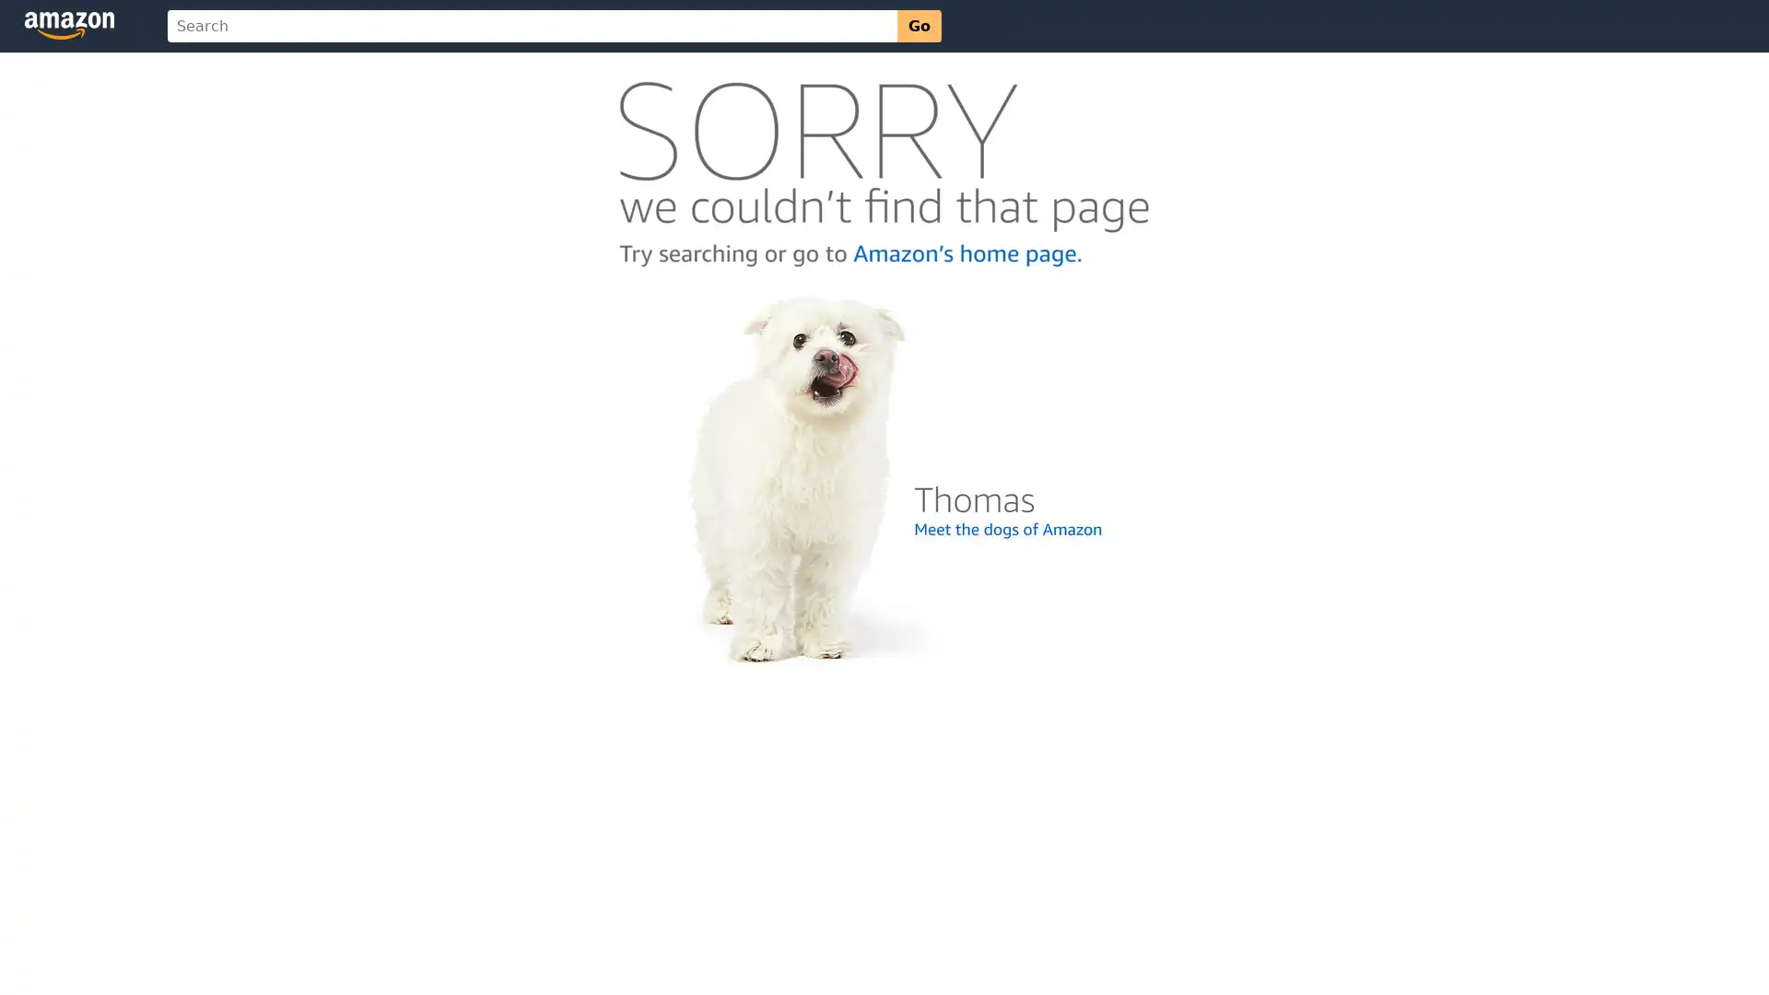 Image resolution: width=1769 pixels, height=995 pixels. What do you see at coordinates (920, 26) in the screenshot?
I see `Go` at bounding box center [920, 26].